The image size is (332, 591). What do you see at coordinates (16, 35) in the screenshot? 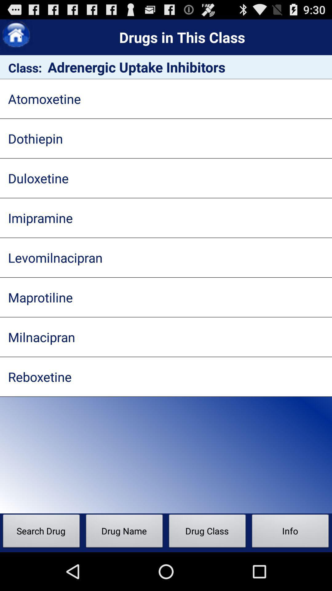
I see `homepage` at bounding box center [16, 35].